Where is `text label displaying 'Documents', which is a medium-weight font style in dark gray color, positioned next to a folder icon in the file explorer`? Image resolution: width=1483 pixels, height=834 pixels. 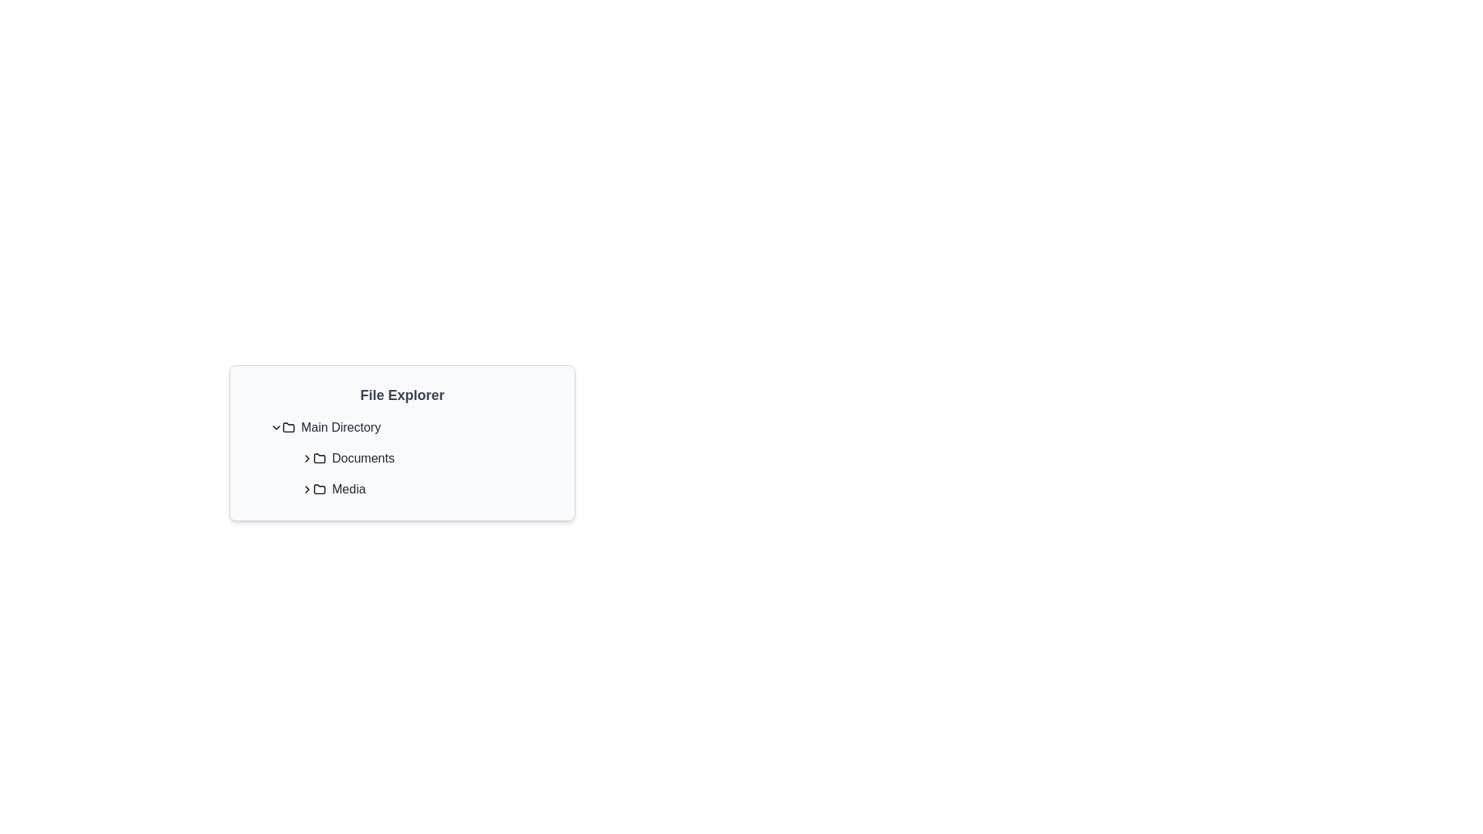 text label displaying 'Documents', which is a medium-weight font style in dark gray color, positioned next to a folder icon in the file explorer is located at coordinates (362, 458).